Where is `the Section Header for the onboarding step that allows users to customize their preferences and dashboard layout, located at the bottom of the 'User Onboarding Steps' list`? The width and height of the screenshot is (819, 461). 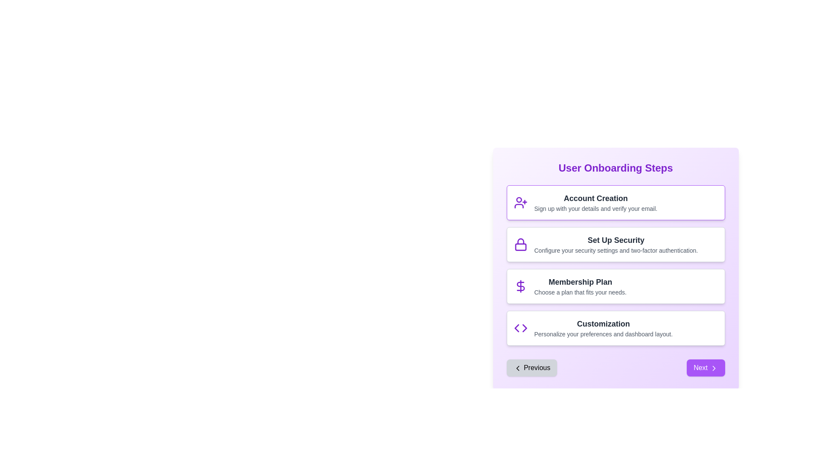 the Section Header for the onboarding step that allows users to customize their preferences and dashboard layout, located at the bottom of the 'User Onboarding Steps' list is located at coordinates (603, 327).